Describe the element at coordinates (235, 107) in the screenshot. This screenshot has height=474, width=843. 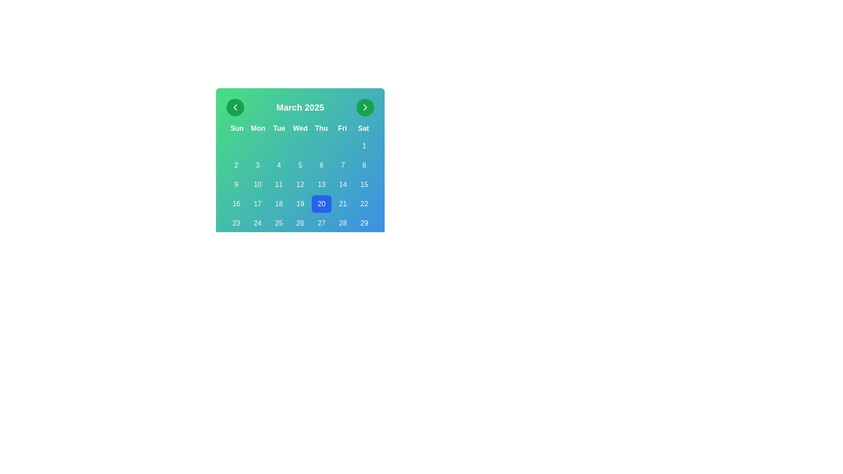
I see `the navigation button for the previous month located on the far-left side of the header containing 'March 2025'` at that location.